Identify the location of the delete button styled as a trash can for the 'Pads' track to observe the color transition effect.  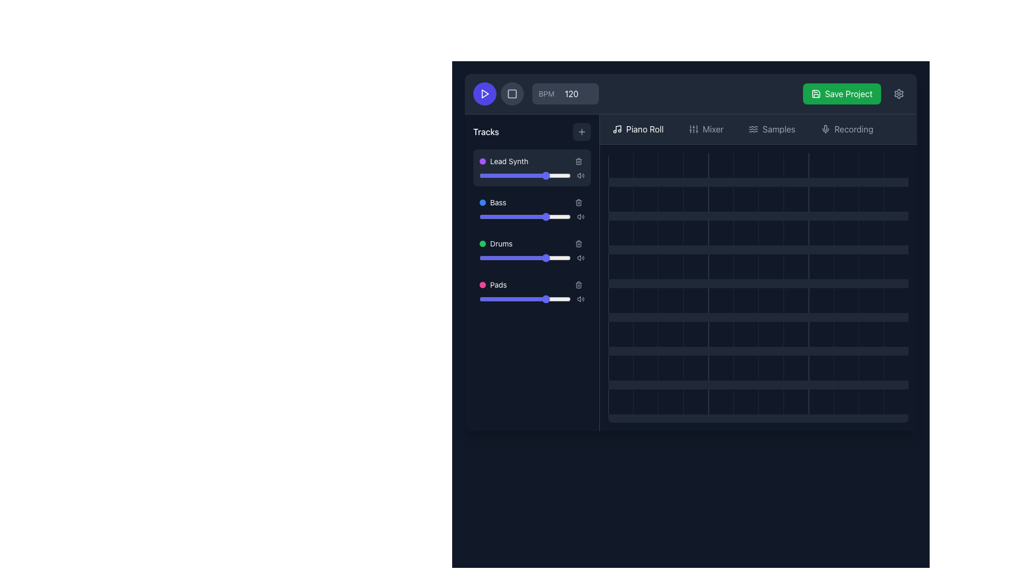
(578, 285).